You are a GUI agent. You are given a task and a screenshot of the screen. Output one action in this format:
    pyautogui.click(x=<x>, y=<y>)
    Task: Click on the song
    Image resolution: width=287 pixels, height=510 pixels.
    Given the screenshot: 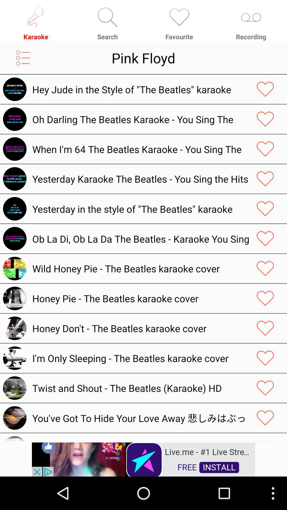 What is the action you would take?
    pyautogui.click(x=265, y=298)
    